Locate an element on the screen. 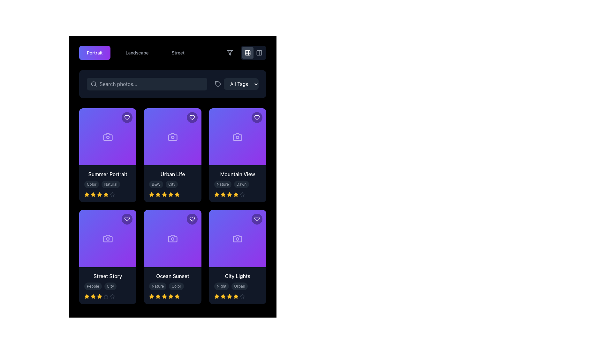 The height and width of the screenshot is (344, 613). the fourth star in the rating system under the 'Ocean Sunset' card to rate the item at this level is located at coordinates (164, 296).